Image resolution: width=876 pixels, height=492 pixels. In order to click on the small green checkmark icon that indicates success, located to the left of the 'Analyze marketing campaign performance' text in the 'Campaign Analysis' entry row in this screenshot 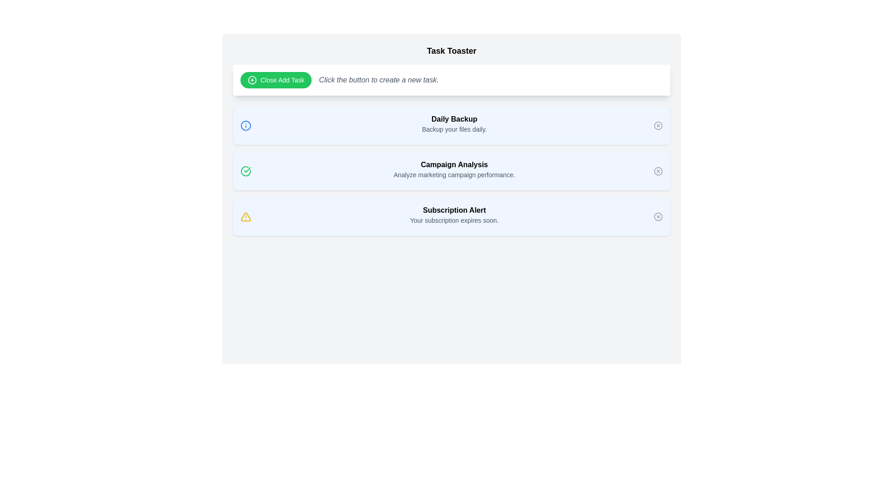, I will do `click(247, 170)`.